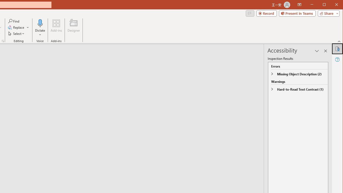 Image resolution: width=343 pixels, height=193 pixels. What do you see at coordinates (18, 27) in the screenshot?
I see `'Replace...'` at bounding box center [18, 27].